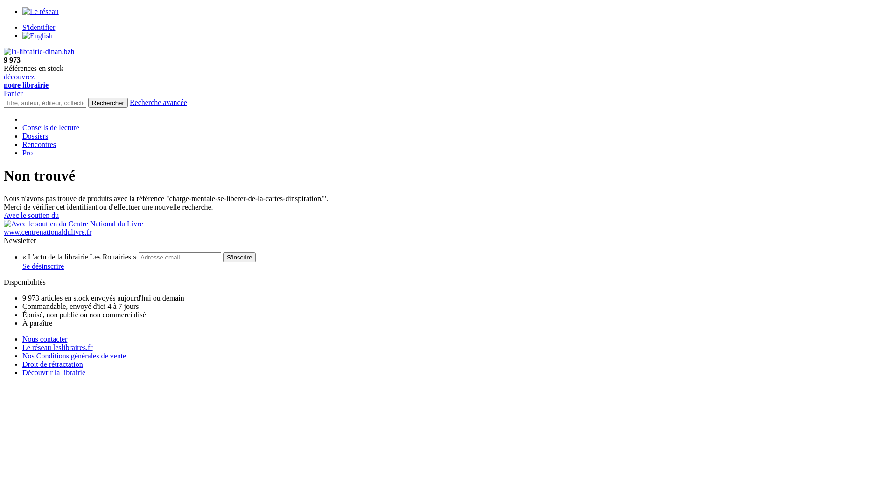  I want to click on 'Conseils de lecture', so click(22, 127).